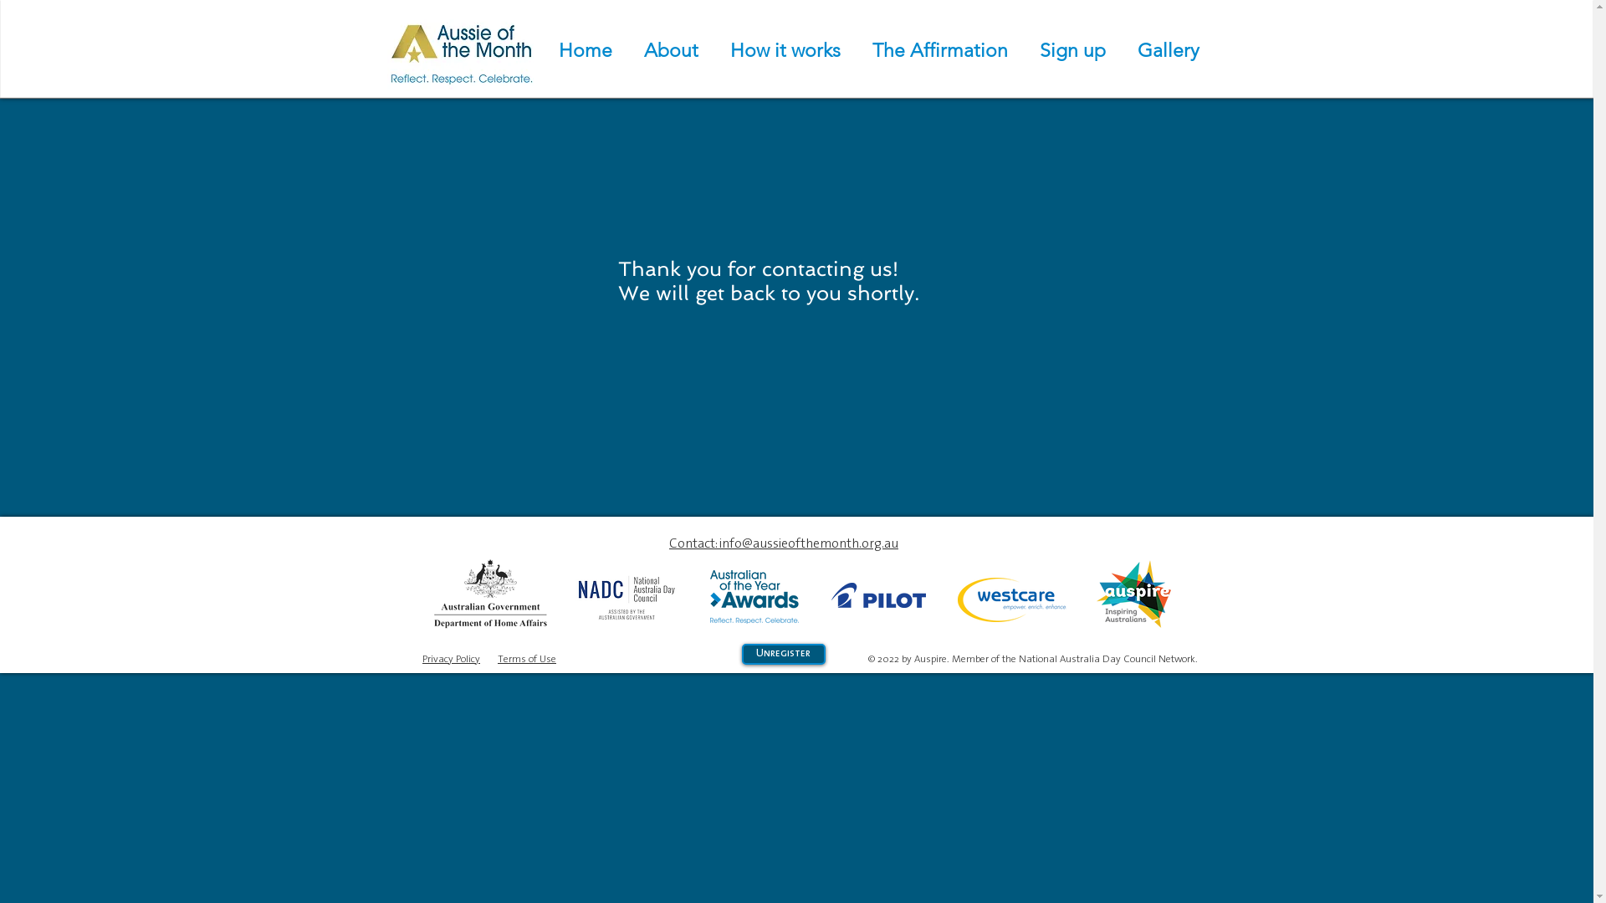  I want to click on 'Terms of Use', so click(525, 657).